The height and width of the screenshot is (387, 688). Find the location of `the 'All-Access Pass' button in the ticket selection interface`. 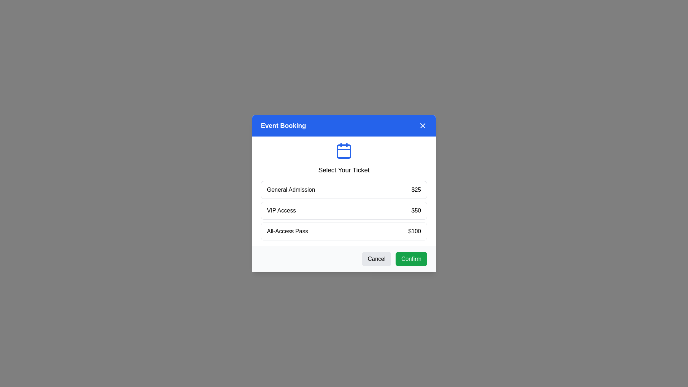

the 'All-Access Pass' button in the ticket selection interface is located at coordinates (344, 231).